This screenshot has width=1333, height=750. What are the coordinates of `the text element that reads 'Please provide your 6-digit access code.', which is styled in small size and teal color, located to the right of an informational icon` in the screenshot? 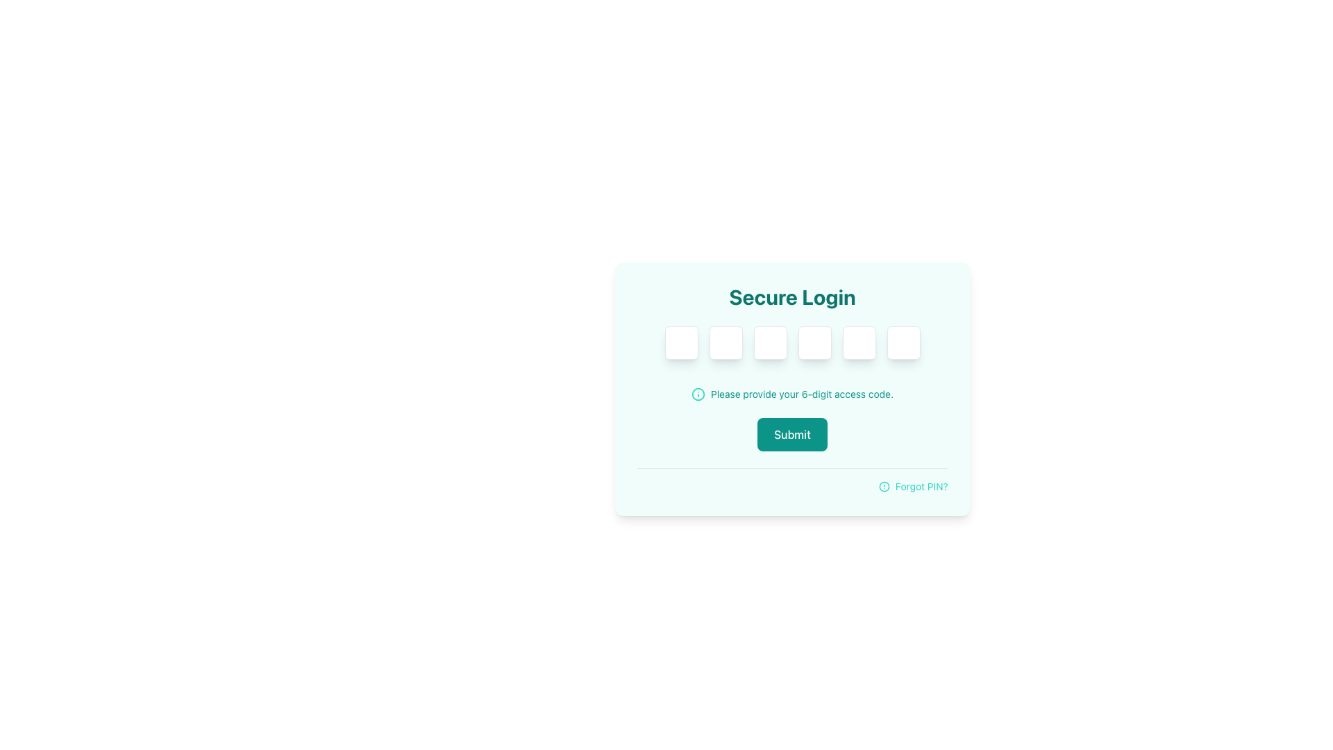 It's located at (802, 394).